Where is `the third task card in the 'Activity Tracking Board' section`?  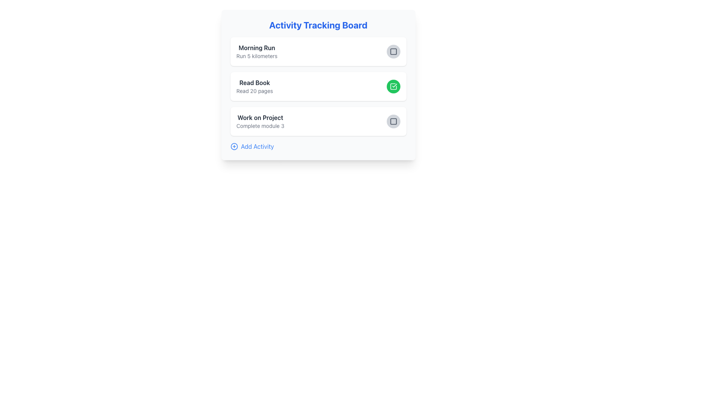 the third task card in the 'Activity Tracking Board' section is located at coordinates (318, 121).